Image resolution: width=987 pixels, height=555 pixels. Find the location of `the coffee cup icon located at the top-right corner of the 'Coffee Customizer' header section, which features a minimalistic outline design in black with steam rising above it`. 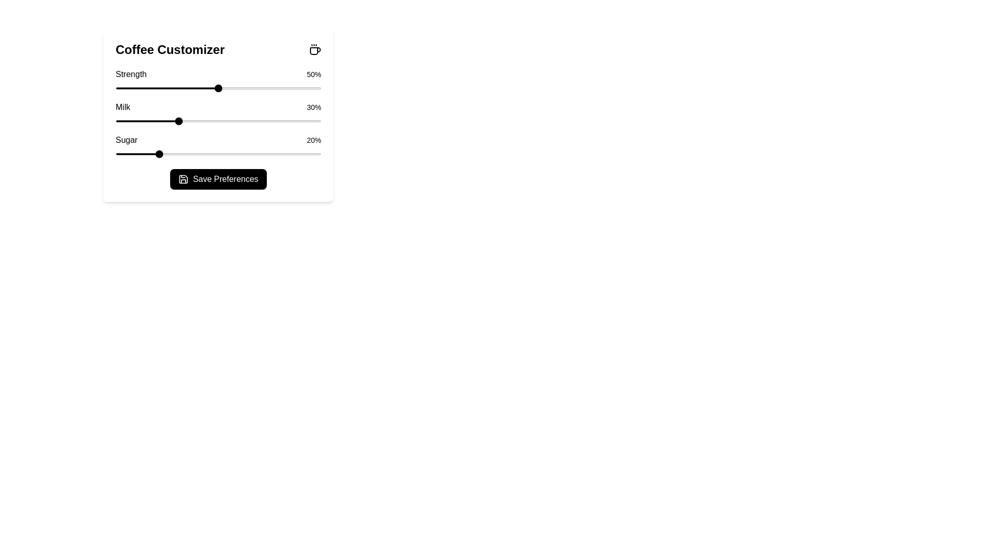

the coffee cup icon located at the top-right corner of the 'Coffee Customizer' header section, which features a minimalistic outline design in black with steam rising above it is located at coordinates (315, 49).